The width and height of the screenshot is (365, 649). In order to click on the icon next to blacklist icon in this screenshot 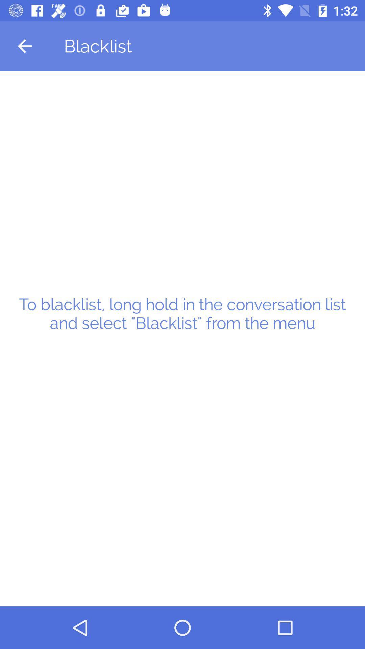, I will do `click(24, 46)`.